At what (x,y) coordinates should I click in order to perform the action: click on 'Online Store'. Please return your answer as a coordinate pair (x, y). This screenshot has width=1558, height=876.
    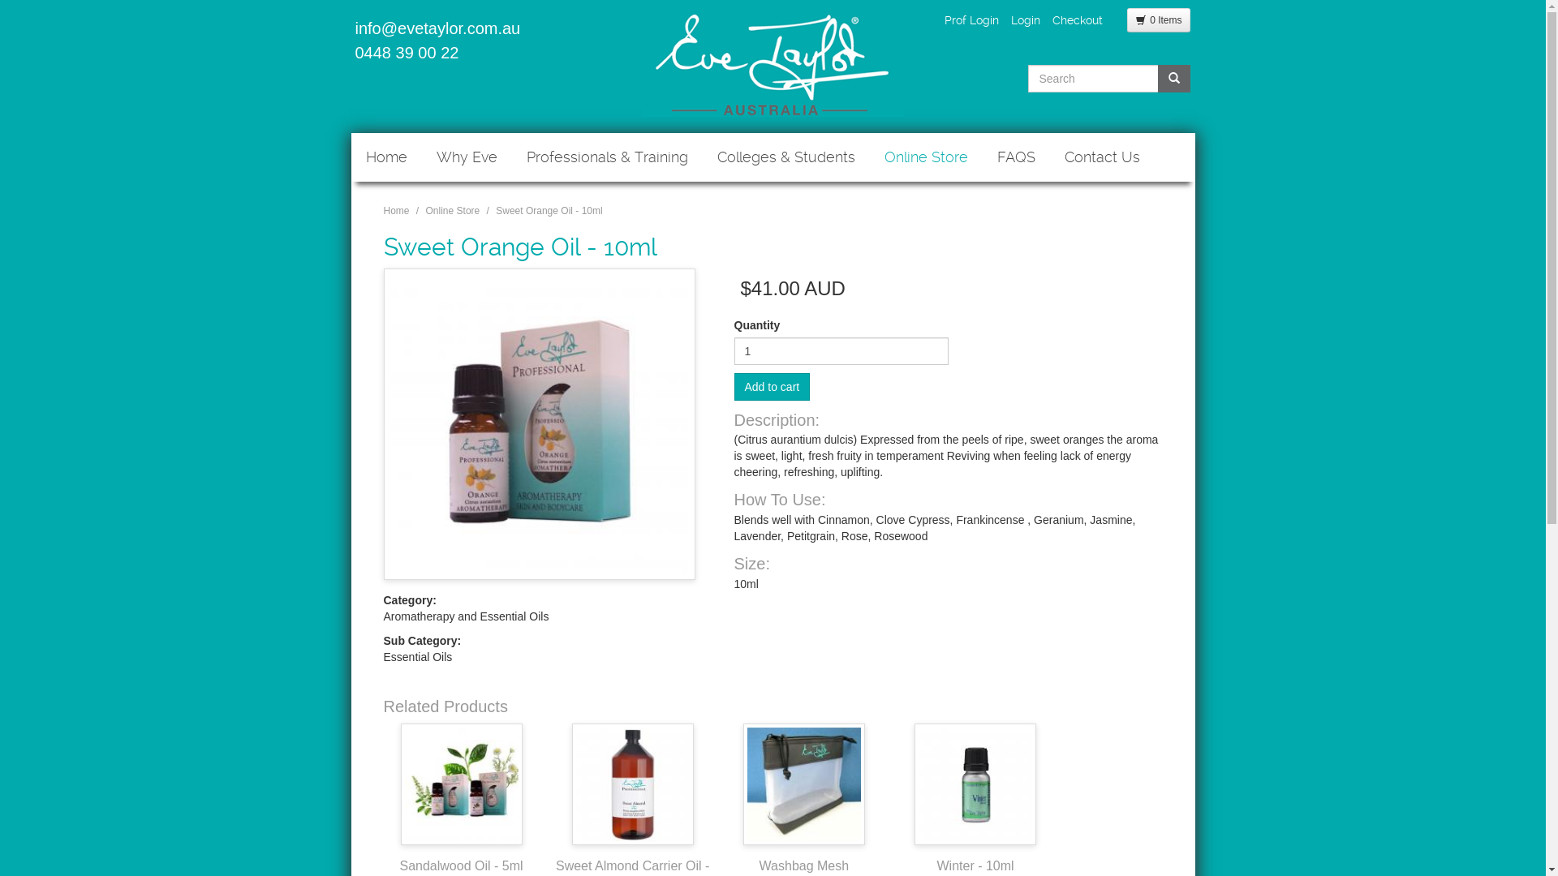
    Looking at the image, I should click on (425, 209).